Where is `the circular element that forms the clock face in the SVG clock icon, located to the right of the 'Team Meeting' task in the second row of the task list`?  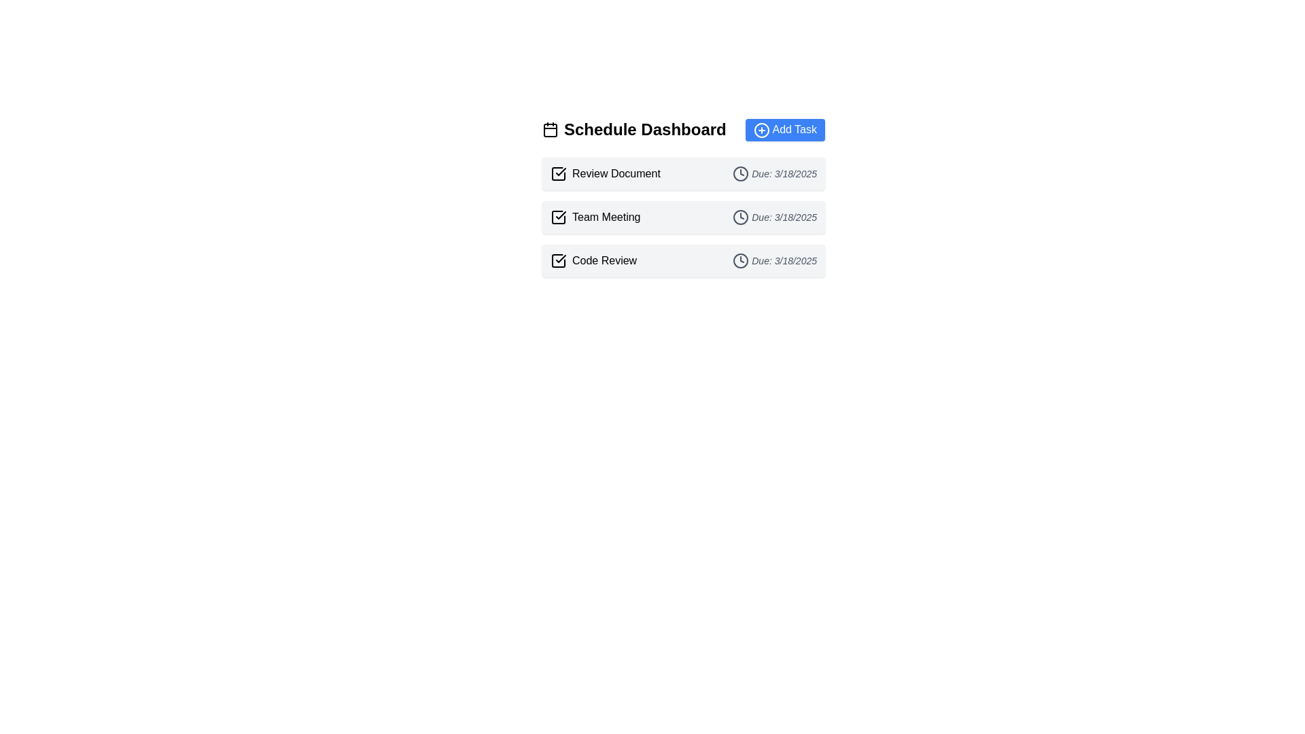 the circular element that forms the clock face in the SVG clock icon, located to the right of the 'Team Meeting' task in the second row of the task list is located at coordinates (740, 216).